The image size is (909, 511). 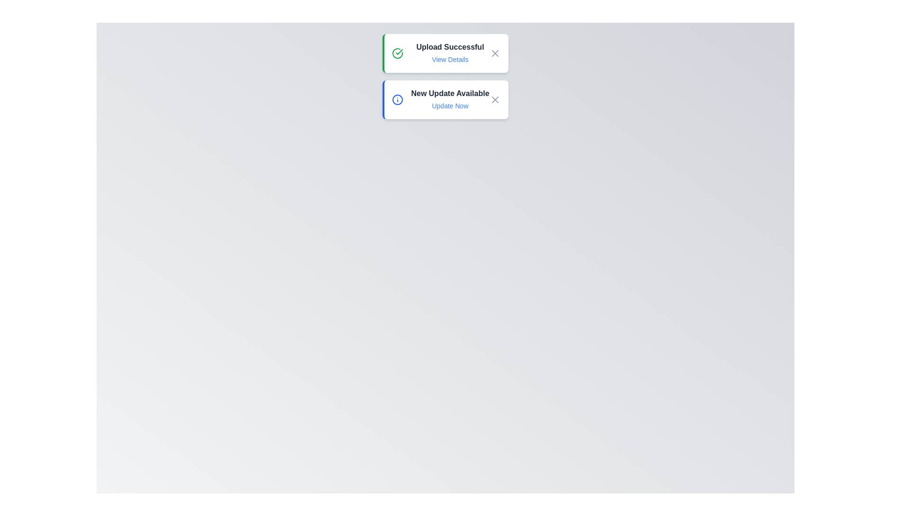 I want to click on the alert with the message New Update Available, so click(x=445, y=100).